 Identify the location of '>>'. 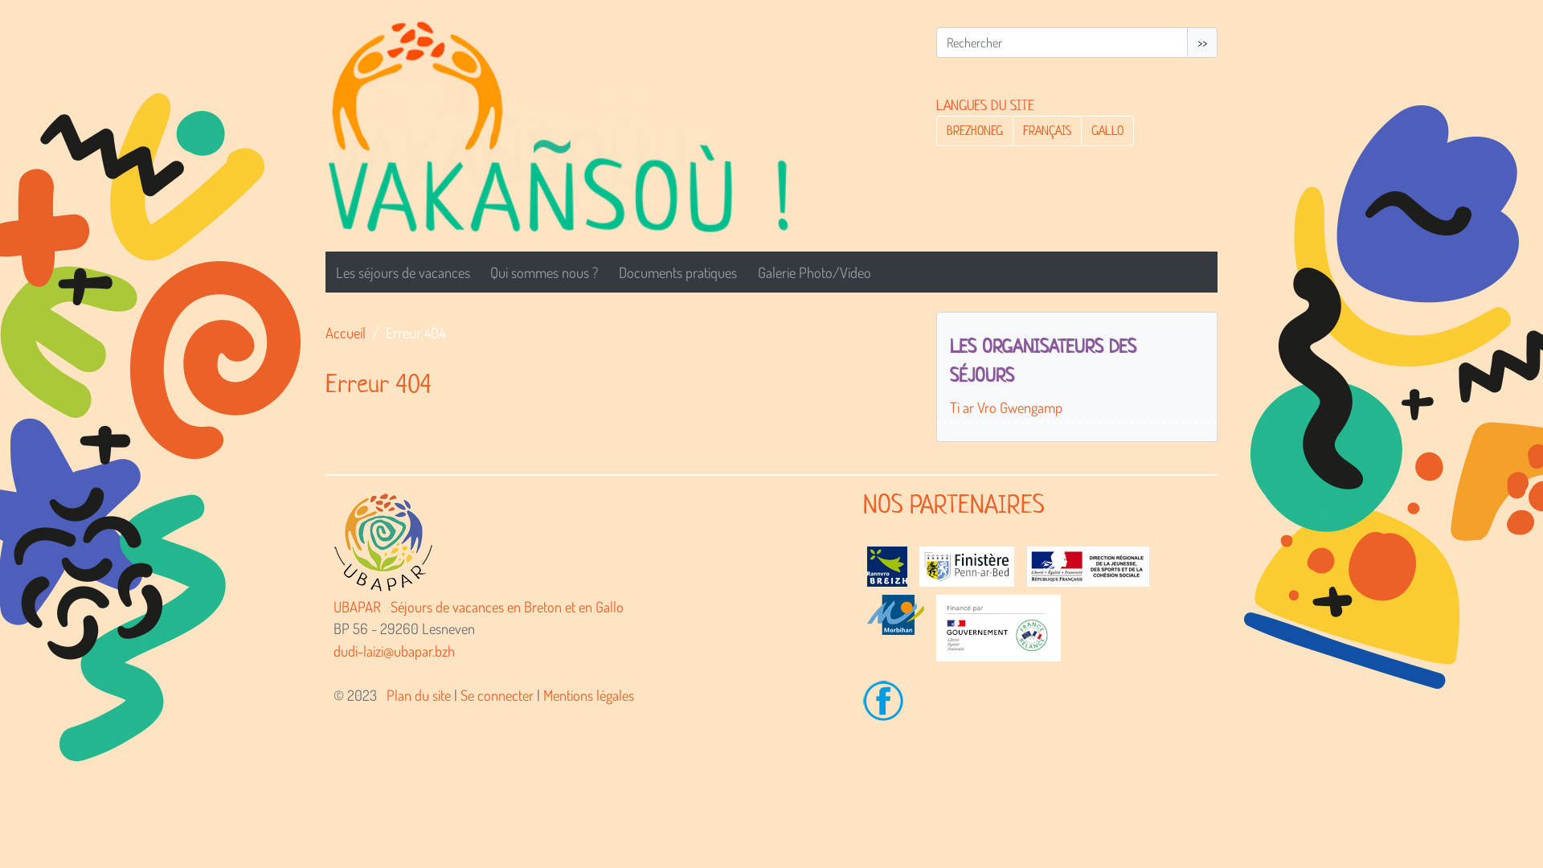
(1202, 42).